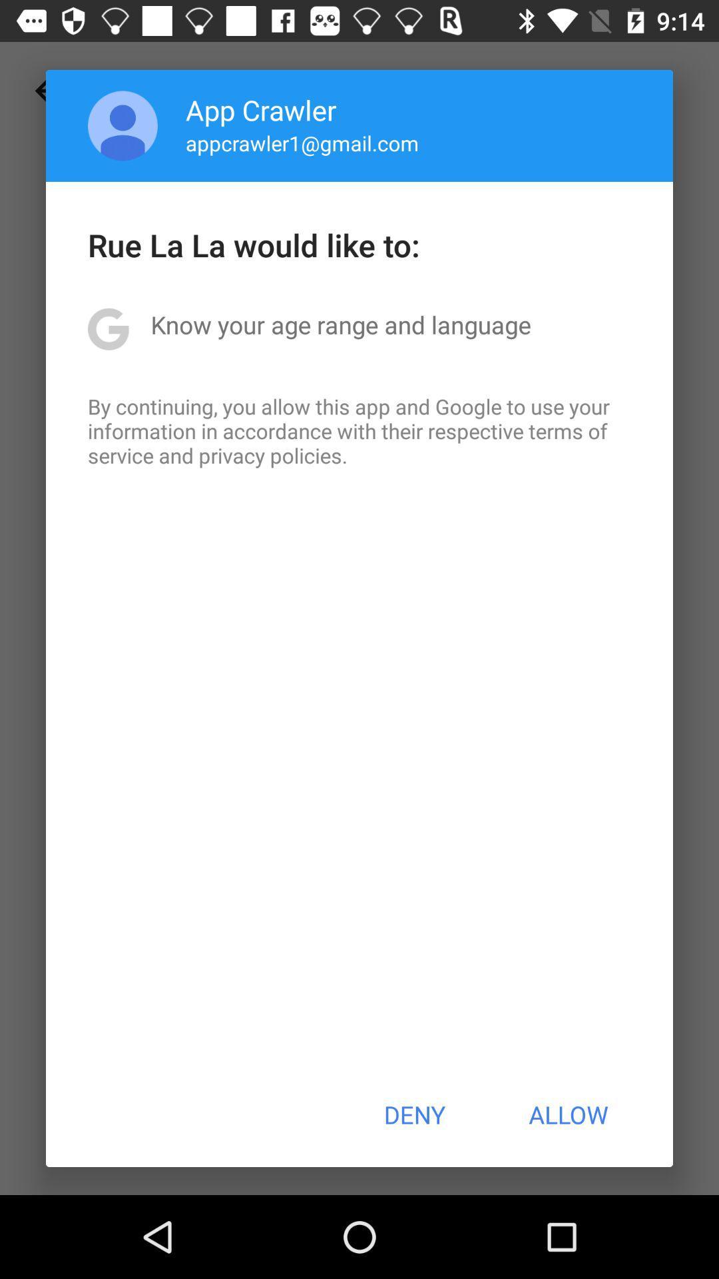 The image size is (719, 1279). I want to click on app crawler app, so click(261, 109).